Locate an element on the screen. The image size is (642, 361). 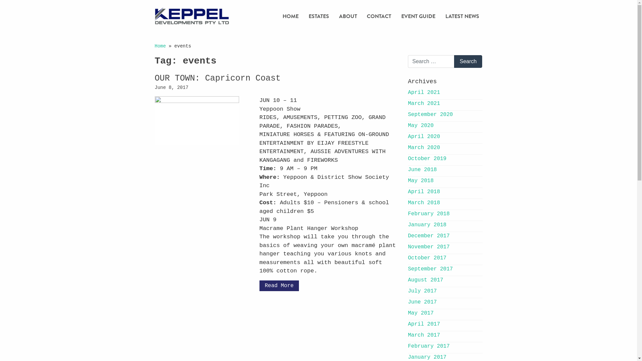
'February 2017' is located at coordinates (429, 346).